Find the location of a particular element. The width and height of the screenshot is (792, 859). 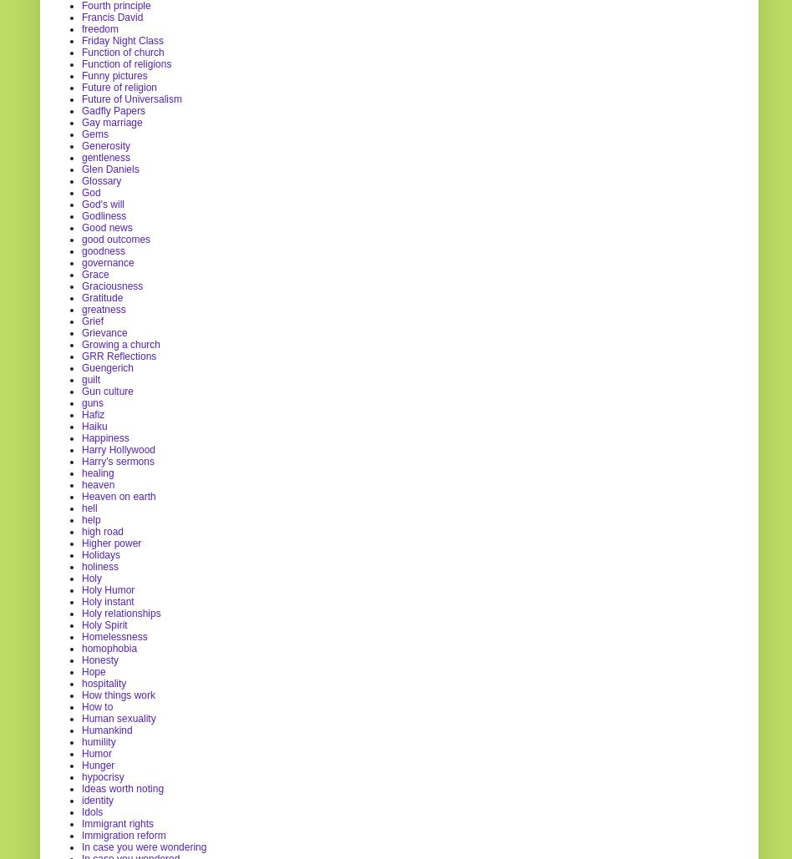

'heaven' is located at coordinates (82, 483).